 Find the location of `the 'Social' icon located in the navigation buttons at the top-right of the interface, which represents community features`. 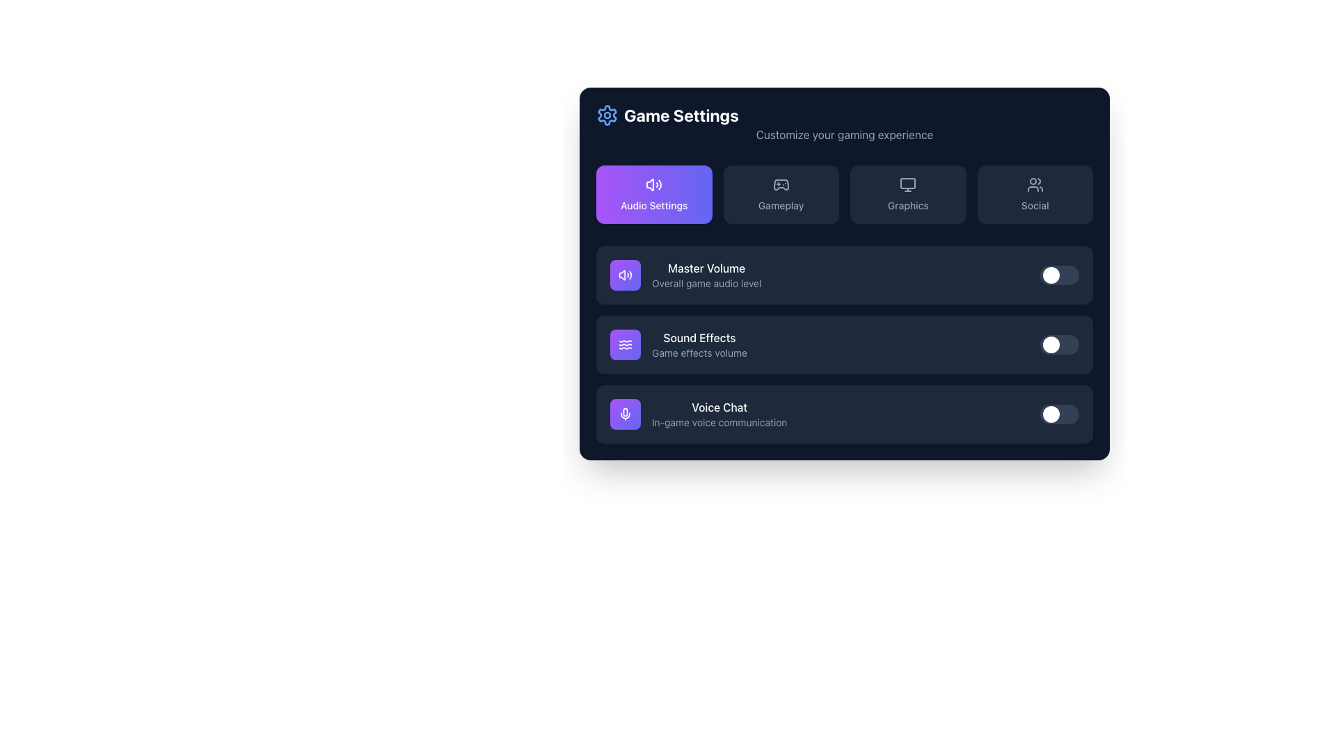

the 'Social' icon located in the navigation buttons at the top-right of the interface, which represents community features is located at coordinates (1035, 184).